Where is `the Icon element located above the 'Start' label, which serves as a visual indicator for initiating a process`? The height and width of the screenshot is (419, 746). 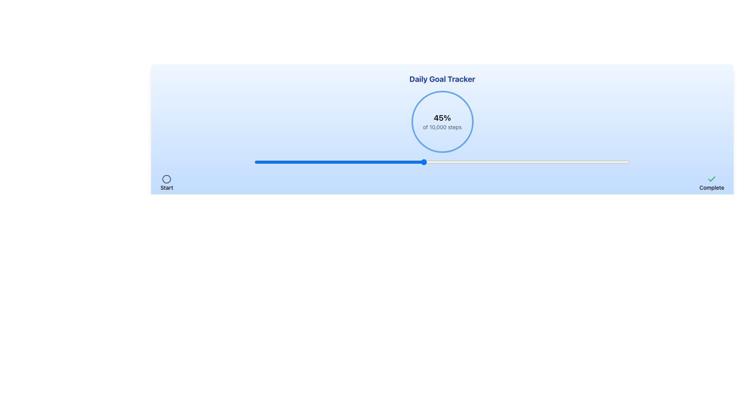 the Icon element located above the 'Start' label, which serves as a visual indicator for initiating a process is located at coordinates (166, 179).